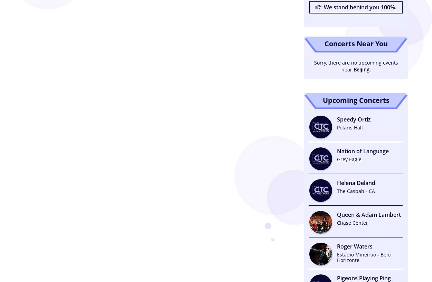 This screenshot has height=282, width=432. What do you see at coordinates (337, 190) in the screenshot?
I see `'The Casbah - CA'` at bounding box center [337, 190].